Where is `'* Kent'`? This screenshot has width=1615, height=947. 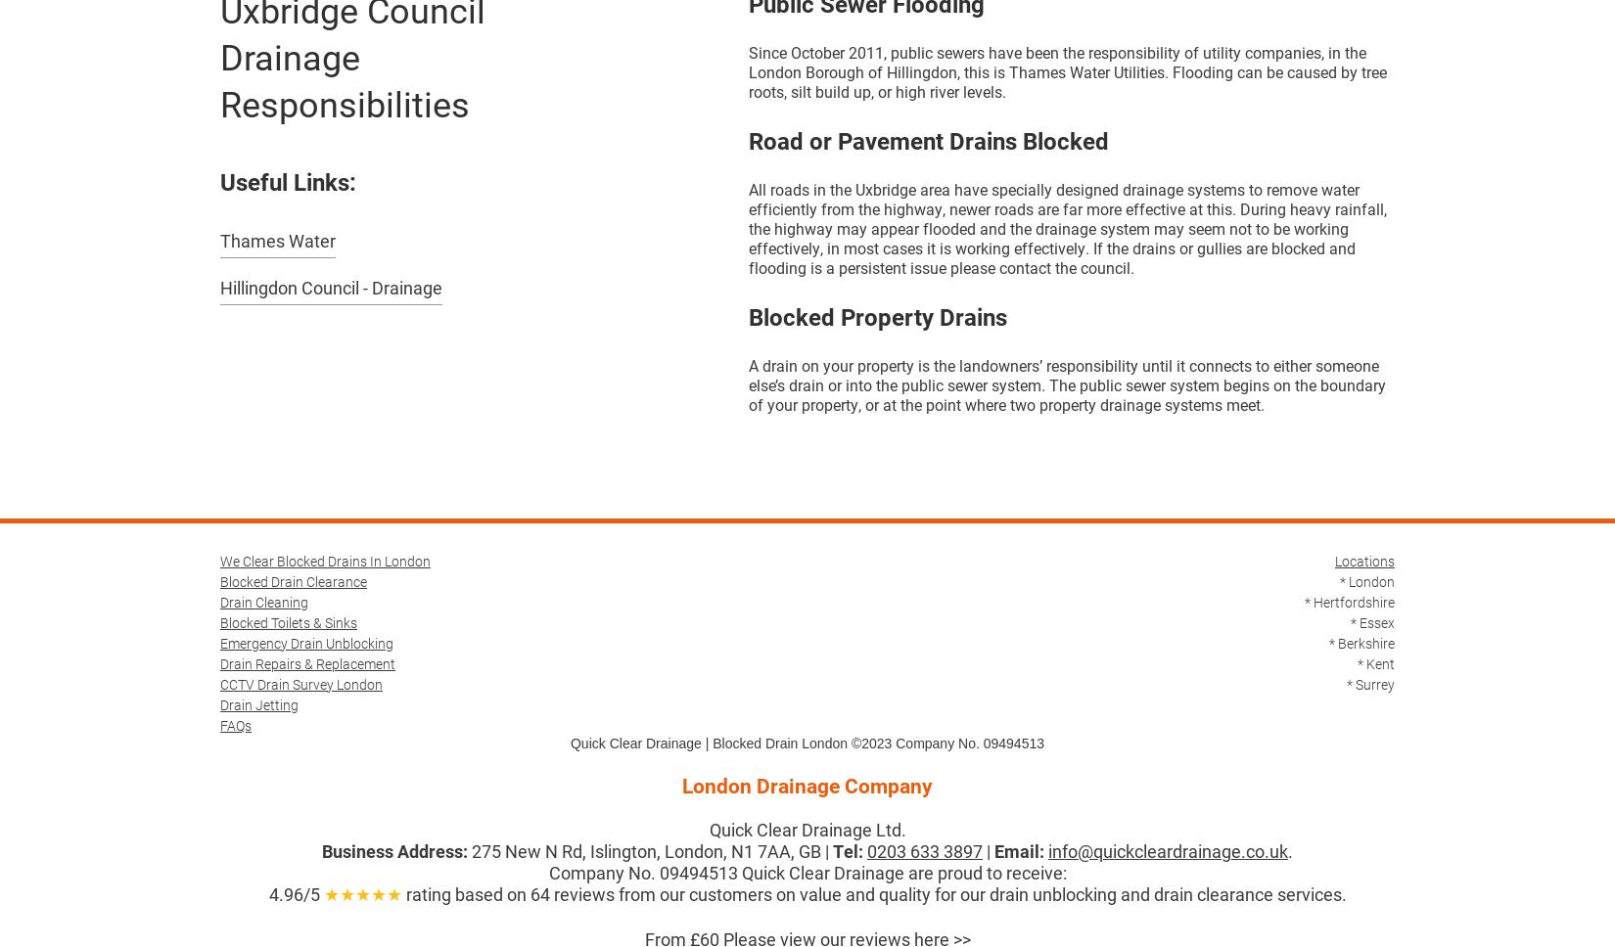 '* Kent' is located at coordinates (1374, 662).